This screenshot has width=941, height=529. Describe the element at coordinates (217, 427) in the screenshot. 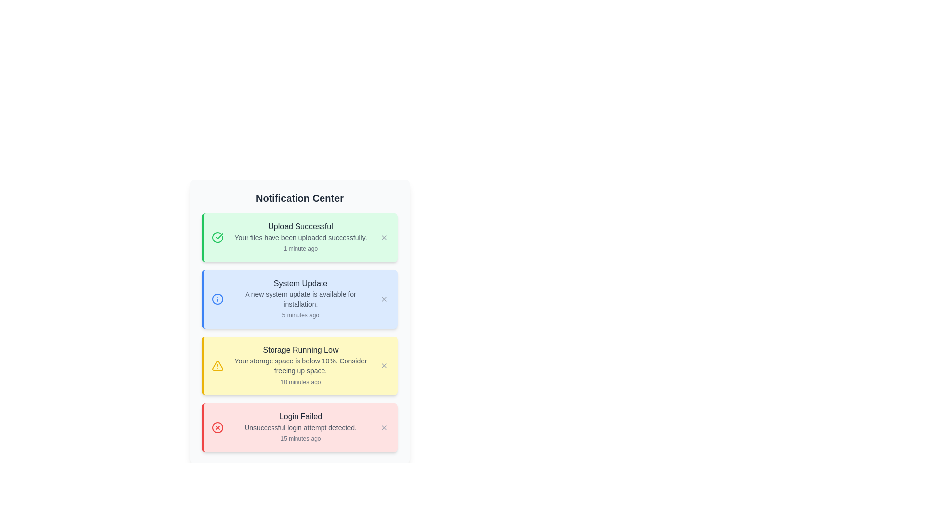

I see `the Decorative Icon that indicates an error or failure event, located at the top-left corner of the 'Login Failed' notification card` at that location.